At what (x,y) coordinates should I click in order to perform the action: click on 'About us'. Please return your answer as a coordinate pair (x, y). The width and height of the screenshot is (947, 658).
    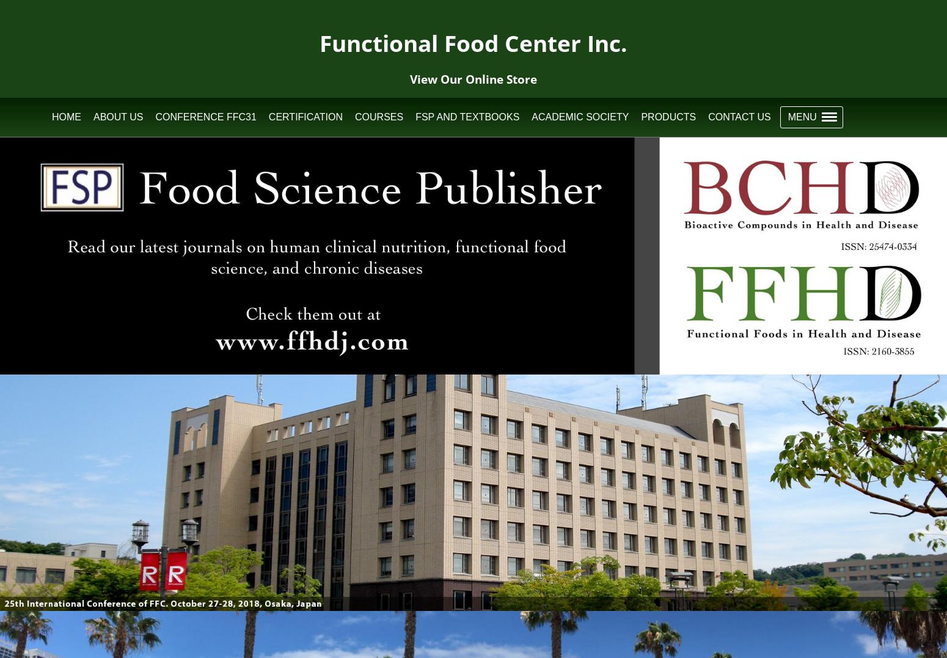
    Looking at the image, I should click on (117, 116).